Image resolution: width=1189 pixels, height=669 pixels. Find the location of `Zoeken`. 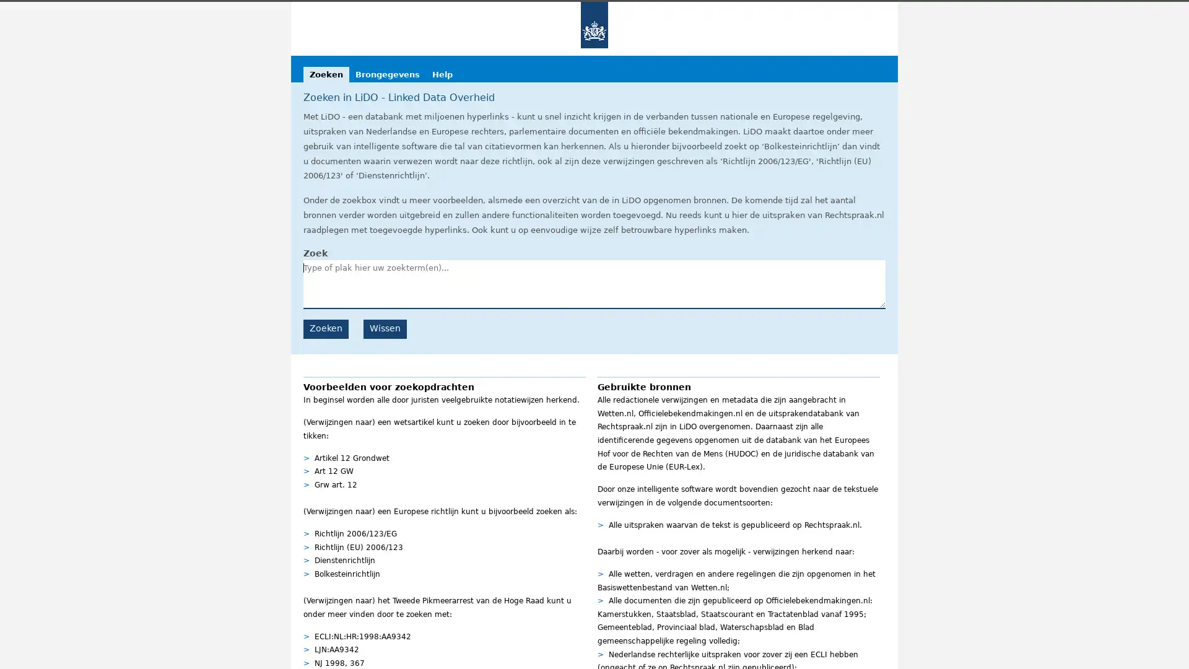

Zoeken is located at coordinates (326, 328).